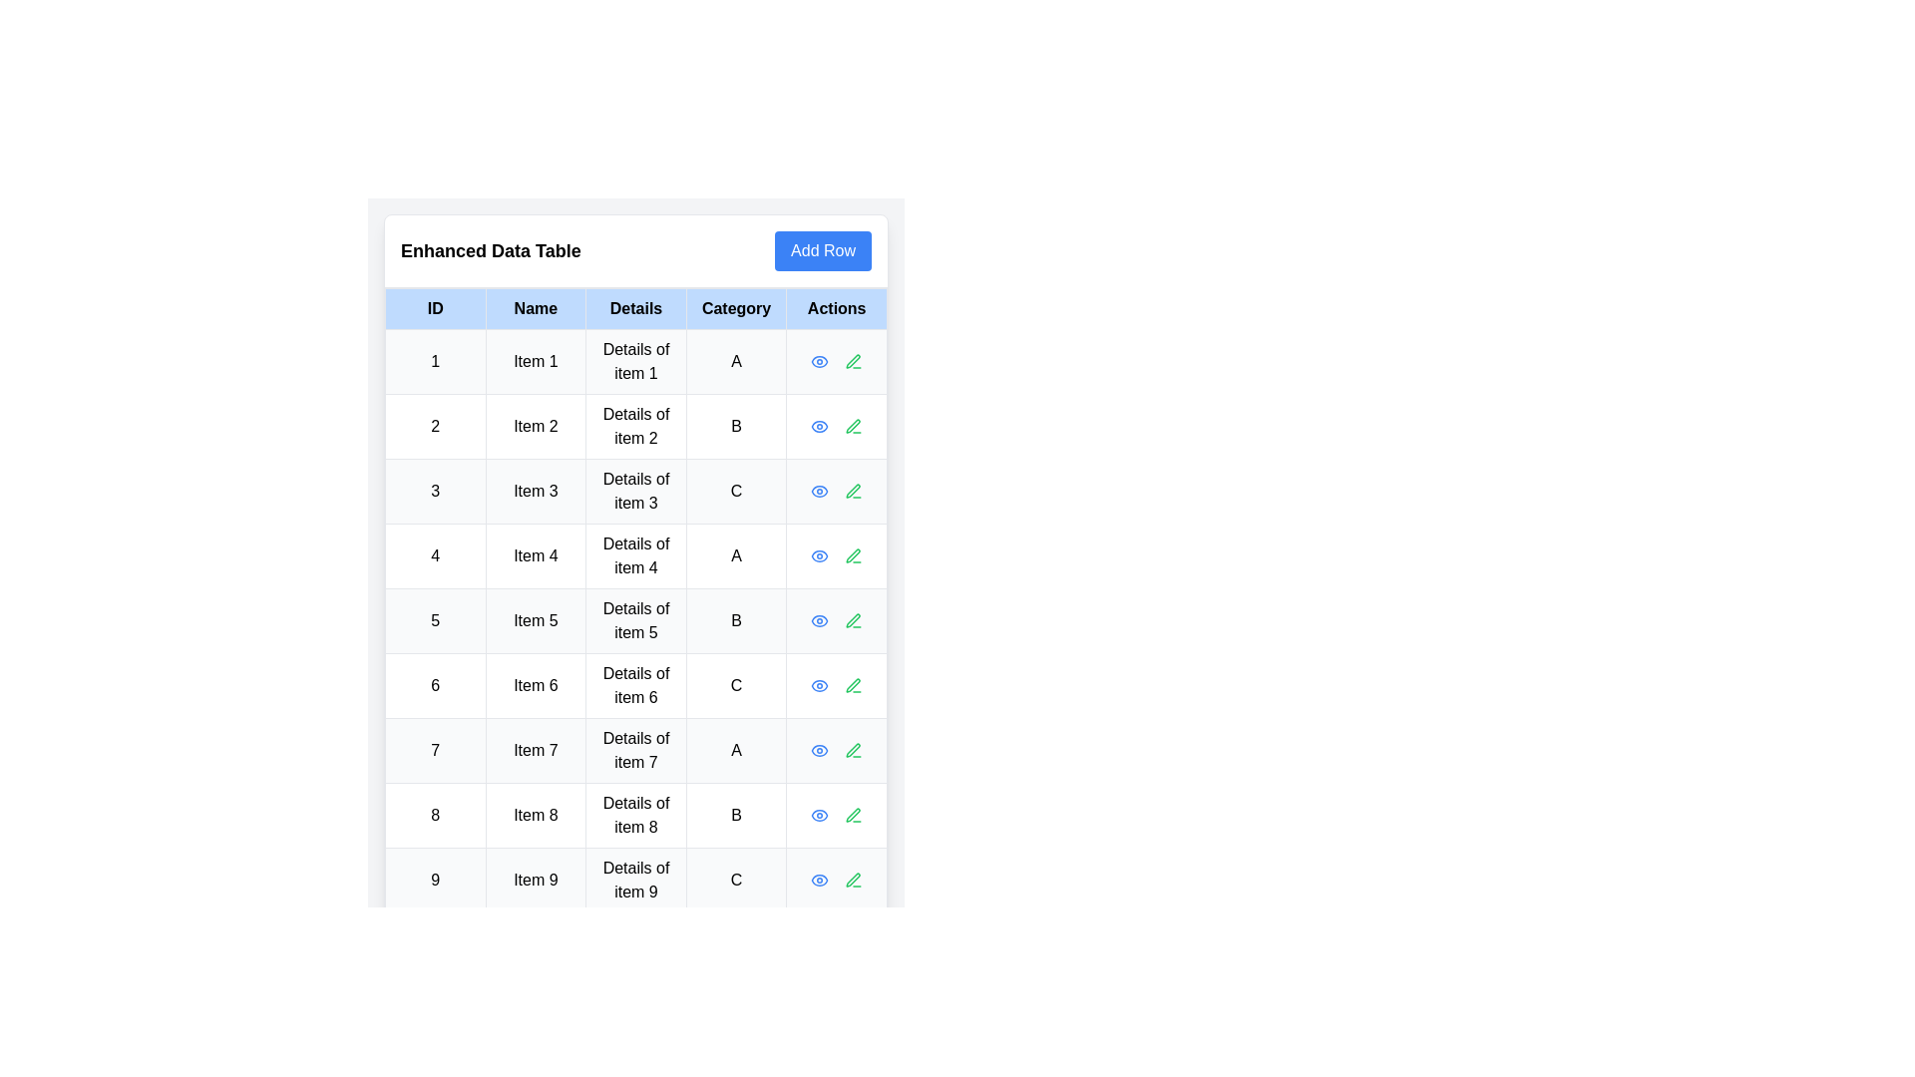 Image resolution: width=1915 pixels, height=1077 pixels. Describe the element at coordinates (536, 492) in the screenshot. I see `the Text Cell in the second column of the third row of the table that displays the name of the third item` at that location.